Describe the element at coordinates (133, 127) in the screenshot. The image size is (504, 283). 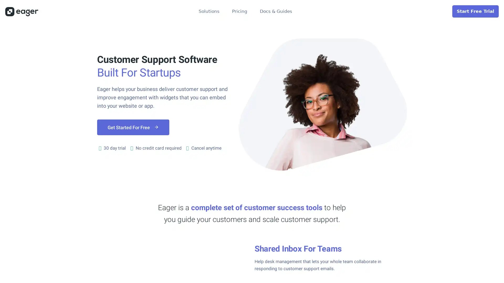
I see `Get Started For Free` at that location.